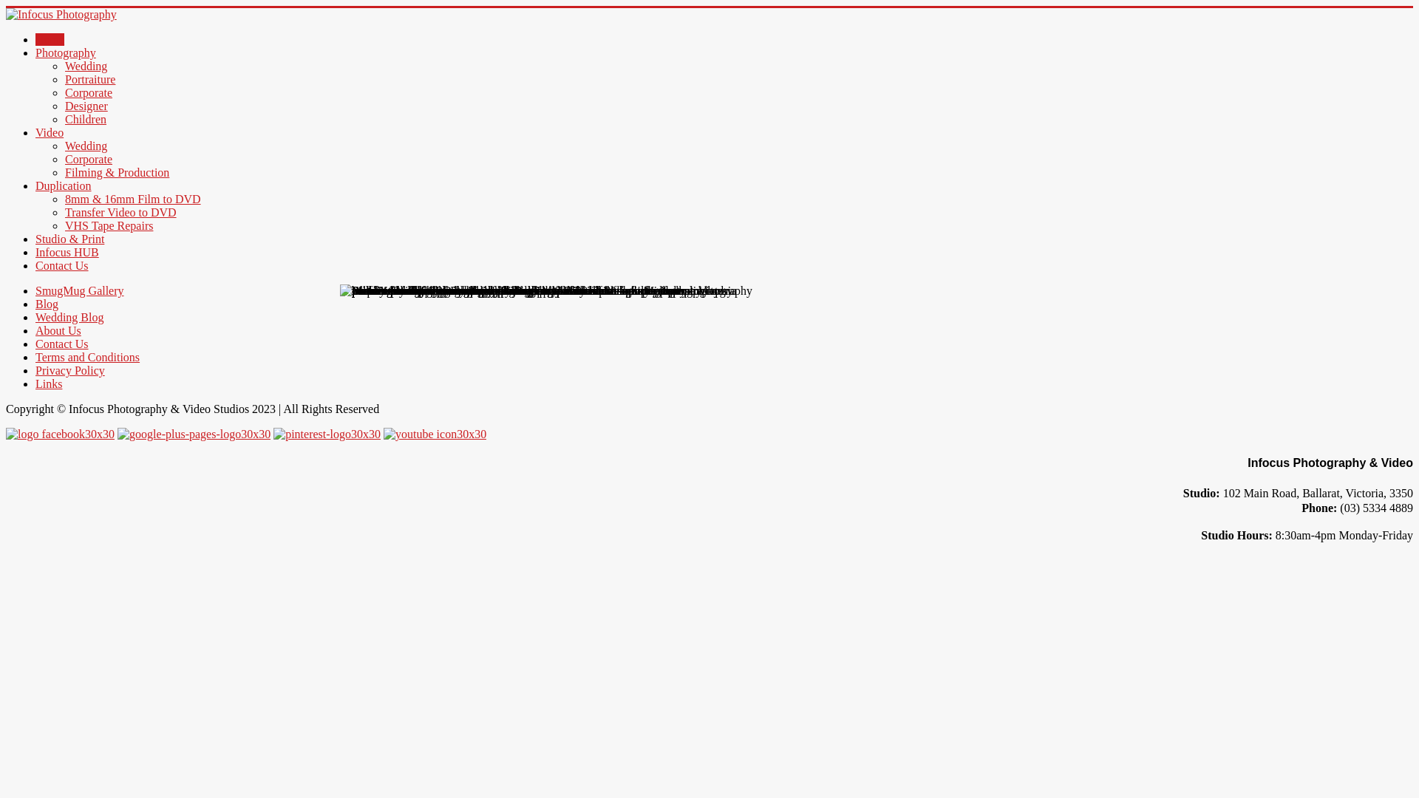 This screenshot has width=1419, height=798. I want to click on '8mm & 16mm Film to DVD', so click(133, 198).